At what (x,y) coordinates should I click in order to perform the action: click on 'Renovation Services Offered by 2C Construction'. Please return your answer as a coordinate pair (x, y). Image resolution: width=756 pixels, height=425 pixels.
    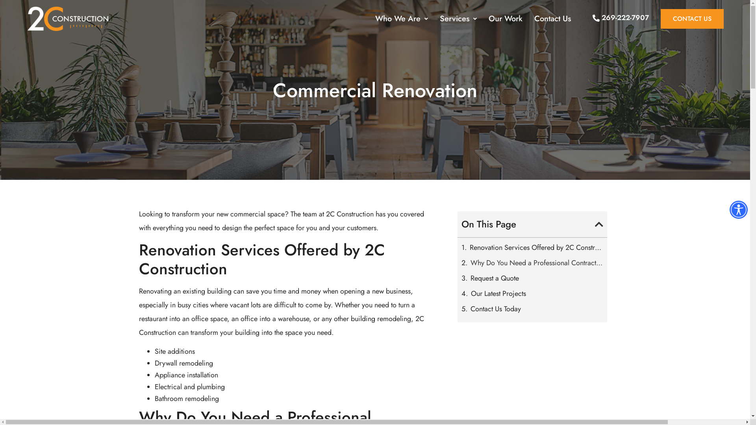
    Looking at the image, I should click on (536, 247).